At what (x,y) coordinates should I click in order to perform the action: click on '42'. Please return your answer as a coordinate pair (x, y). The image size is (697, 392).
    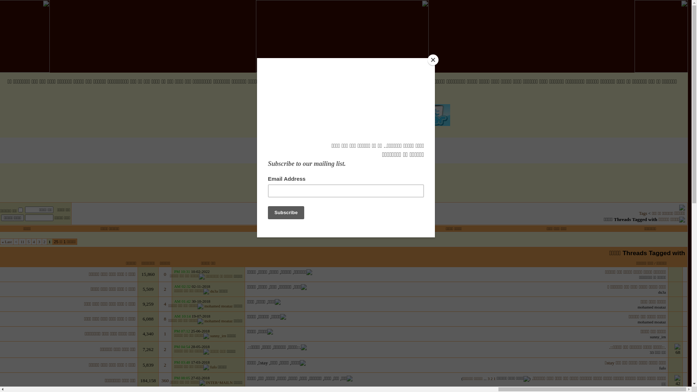
    Looking at the image, I should click on (675, 380).